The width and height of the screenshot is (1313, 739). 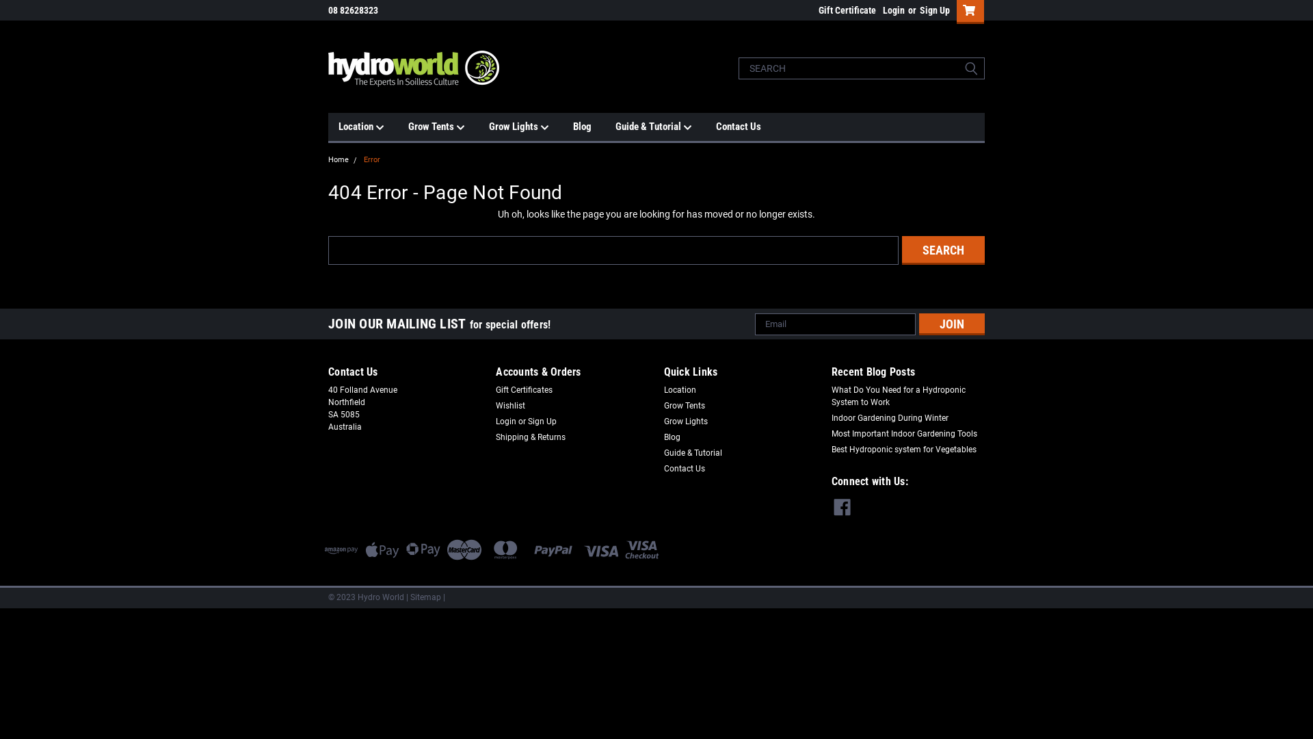 I want to click on 'Gift Certificate', so click(x=843, y=10).